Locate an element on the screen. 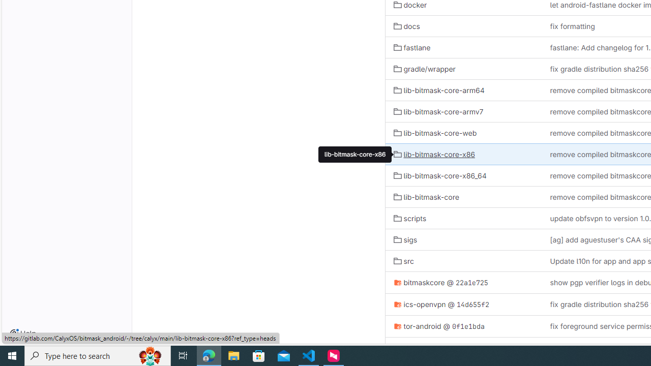 The height and width of the screenshot is (366, 651). 'lib-bitmask-core' is located at coordinates (426, 197).